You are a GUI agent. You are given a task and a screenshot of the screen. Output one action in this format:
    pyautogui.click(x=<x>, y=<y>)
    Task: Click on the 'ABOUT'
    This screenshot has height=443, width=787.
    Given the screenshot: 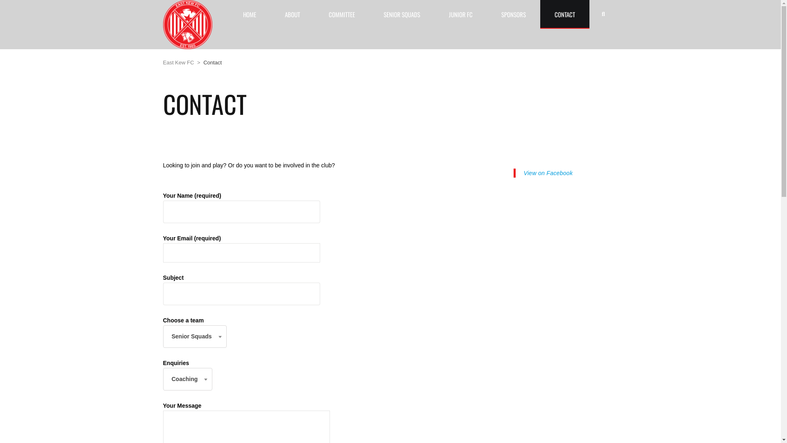 What is the action you would take?
    pyautogui.click(x=271, y=14)
    